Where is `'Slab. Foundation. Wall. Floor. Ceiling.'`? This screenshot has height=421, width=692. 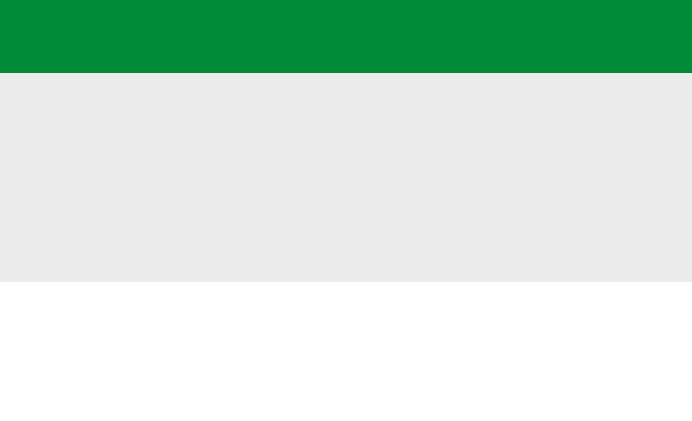
'Slab. Foundation. Wall. Floor. Ceiling.' is located at coordinates (232, 16).